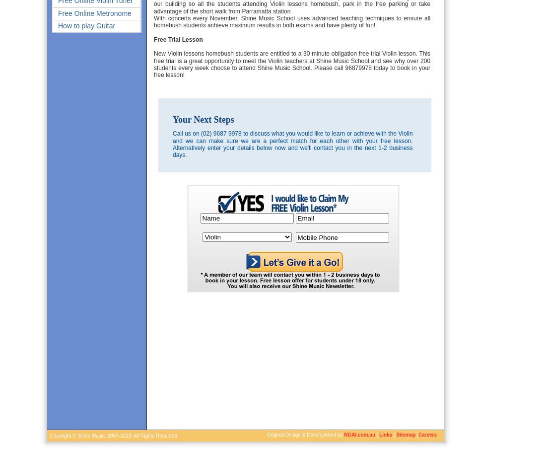  I want to click on 'With concerts every November, Shine Music School uses advanced
teaching techniques to ensure all homebush students achieve maximum results in both exams
and have plenty of fun!', so click(291, 21).